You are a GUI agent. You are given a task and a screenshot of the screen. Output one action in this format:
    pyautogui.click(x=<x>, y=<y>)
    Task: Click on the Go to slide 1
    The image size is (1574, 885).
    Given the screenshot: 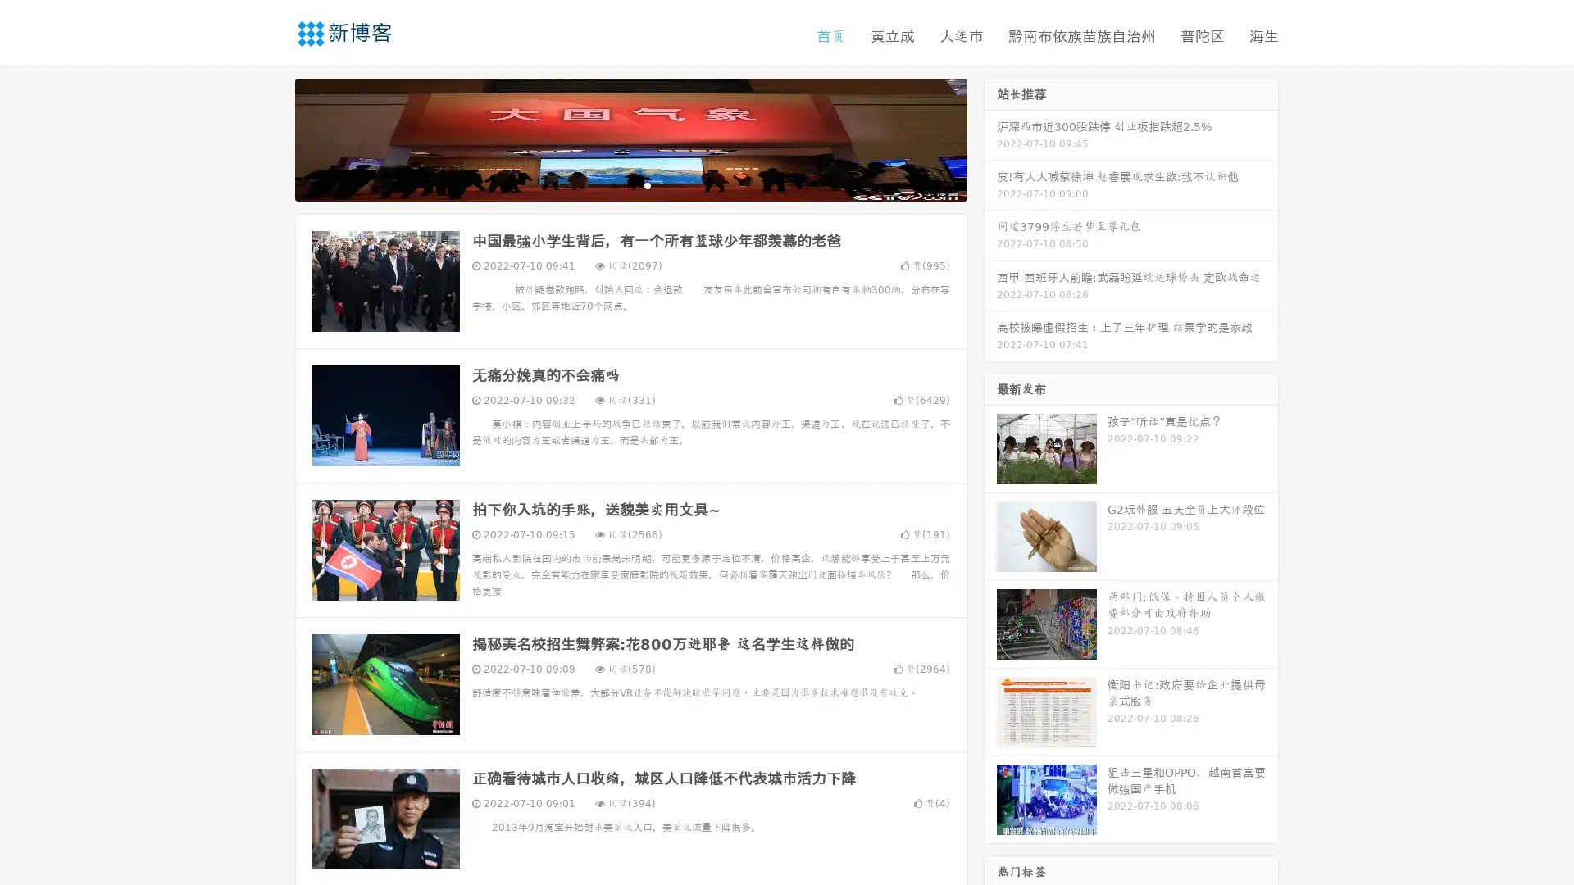 What is the action you would take?
    pyautogui.click(x=613, y=184)
    